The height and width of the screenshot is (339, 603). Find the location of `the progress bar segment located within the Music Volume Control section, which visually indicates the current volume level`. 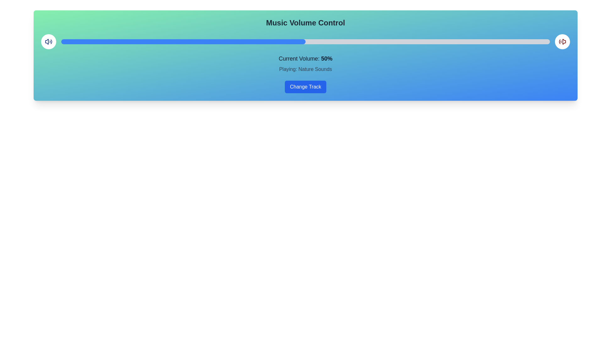

the progress bar segment located within the Music Volume Control section, which visually indicates the current volume level is located at coordinates (183, 41).